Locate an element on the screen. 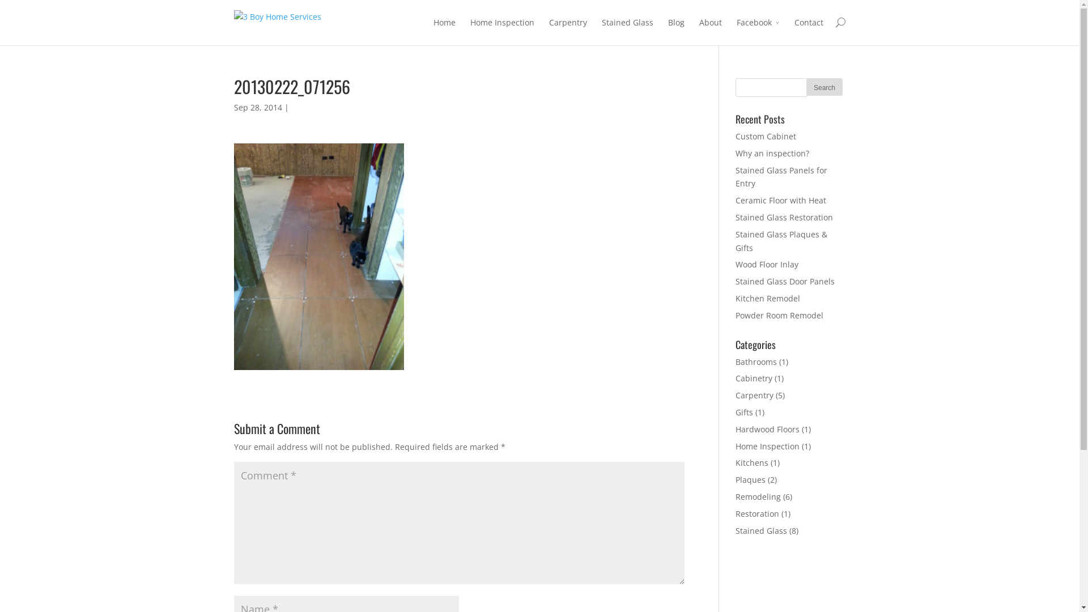 The image size is (1088, 612). 'Hardwood Floors' is located at coordinates (767, 429).